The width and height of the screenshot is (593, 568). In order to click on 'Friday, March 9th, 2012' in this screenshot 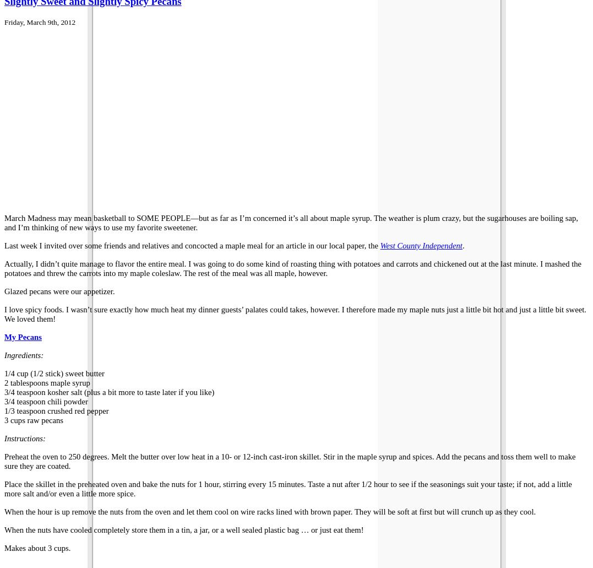, I will do `click(3, 21)`.